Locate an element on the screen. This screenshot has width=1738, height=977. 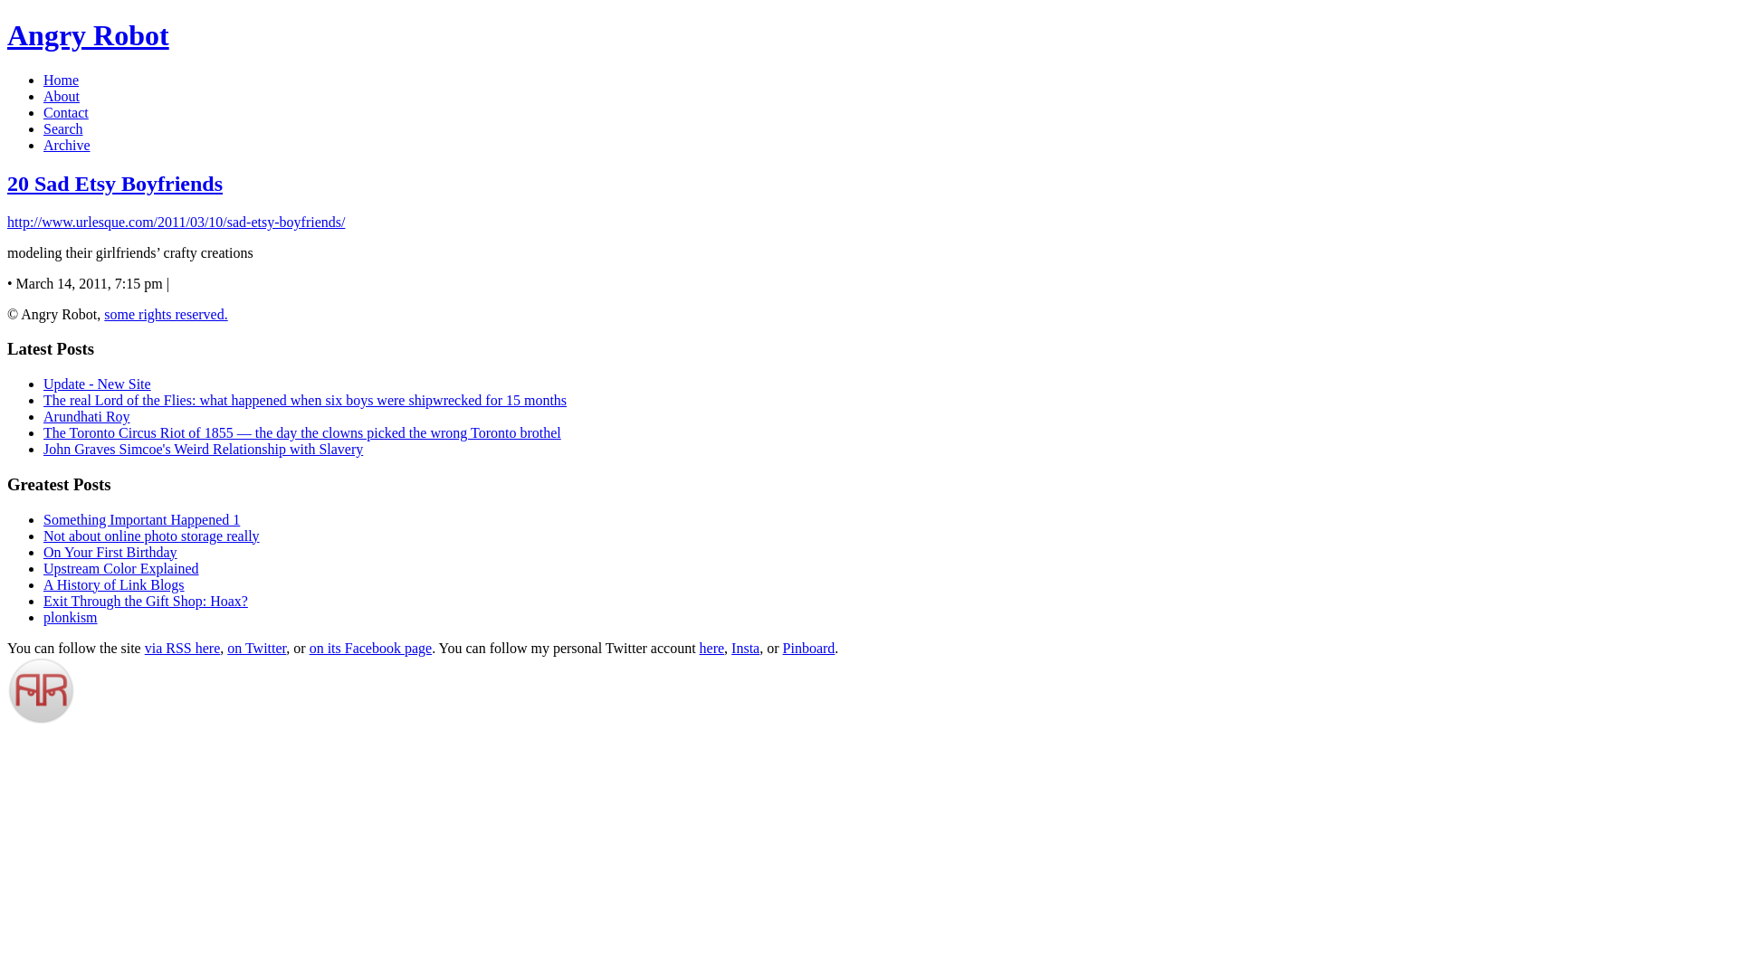
'A History of Link Blogs' is located at coordinates (112, 584).